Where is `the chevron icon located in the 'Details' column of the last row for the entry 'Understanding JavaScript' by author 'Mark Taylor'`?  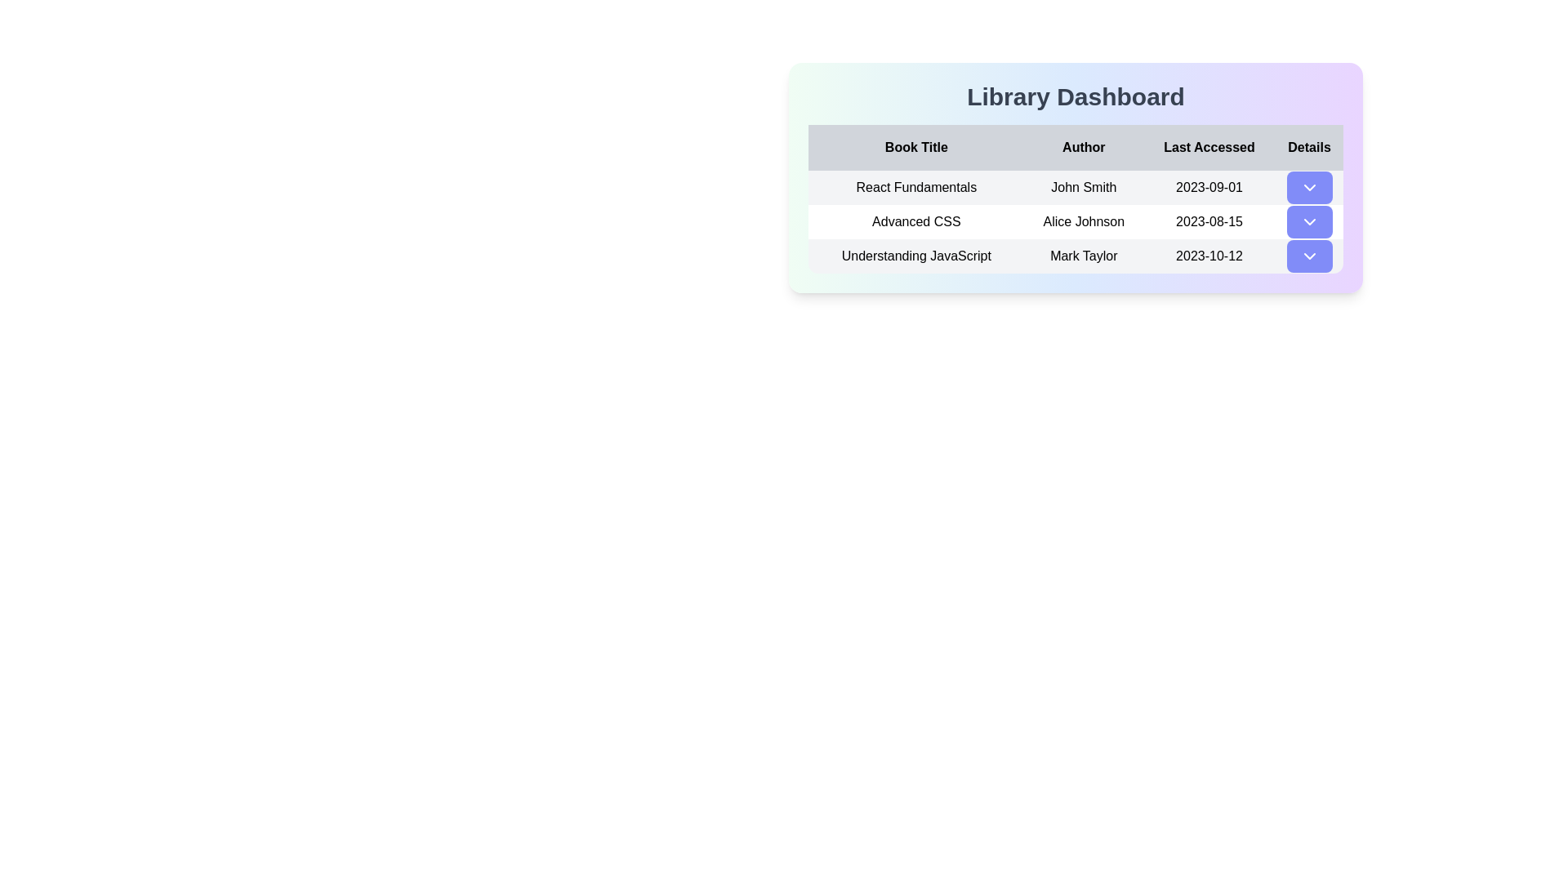
the chevron icon located in the 'Details' column of the last row for the entry 'Understanding JavaScript' by author 'Mark Taylor' is located at coordinates (1309, 256).